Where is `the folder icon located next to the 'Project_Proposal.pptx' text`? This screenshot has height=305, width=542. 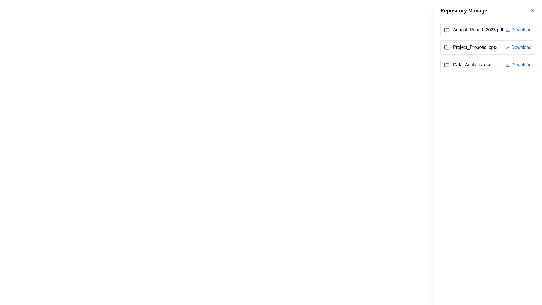 the folder icon located next to the 'Project_Proposal.pptx' text is located at coordinates (447, 29).